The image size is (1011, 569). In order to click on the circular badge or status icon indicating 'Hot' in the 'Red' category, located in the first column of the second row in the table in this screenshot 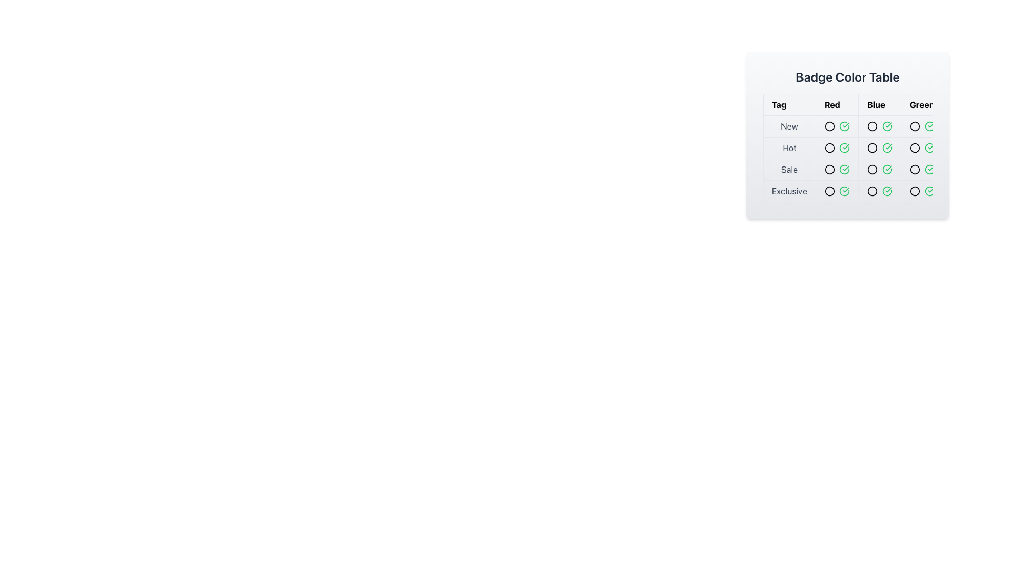, I will do `click(829, 148)`.